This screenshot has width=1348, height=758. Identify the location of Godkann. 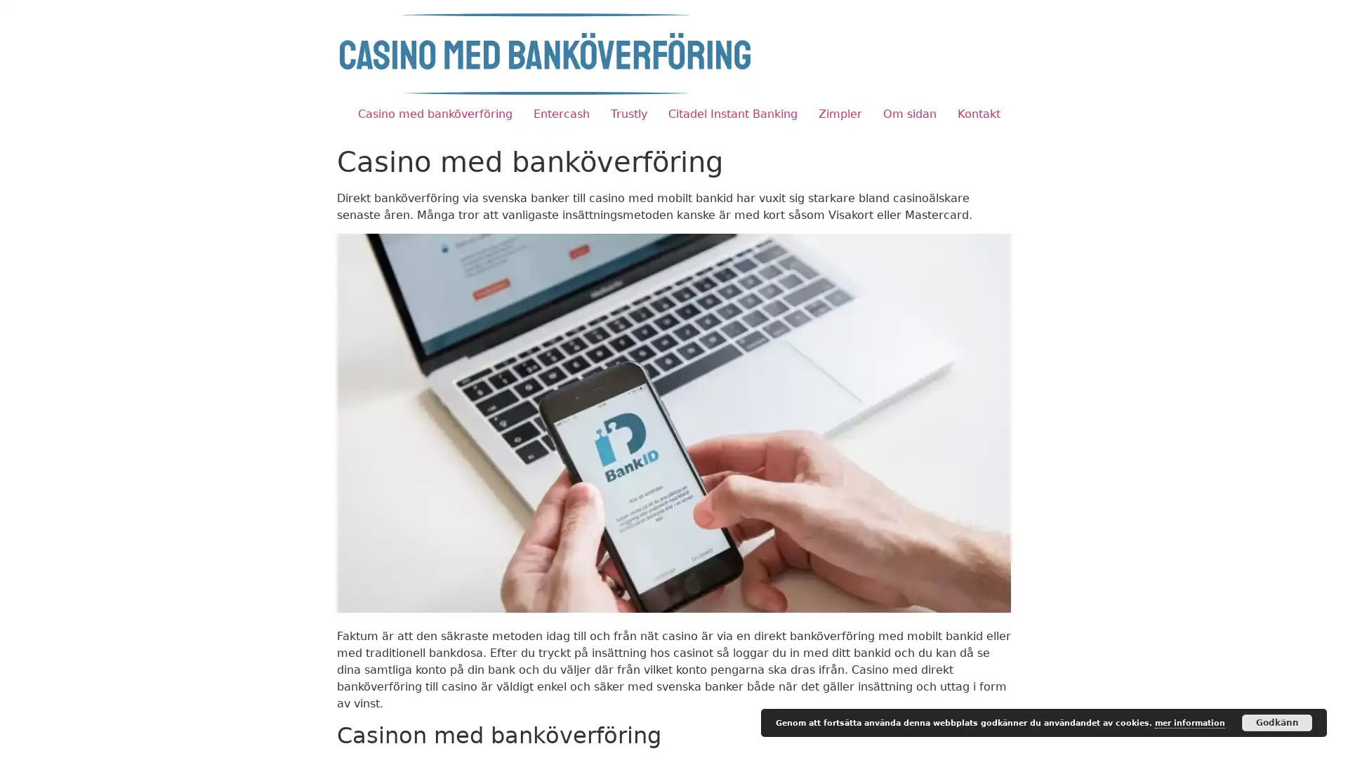
(1277, 722).